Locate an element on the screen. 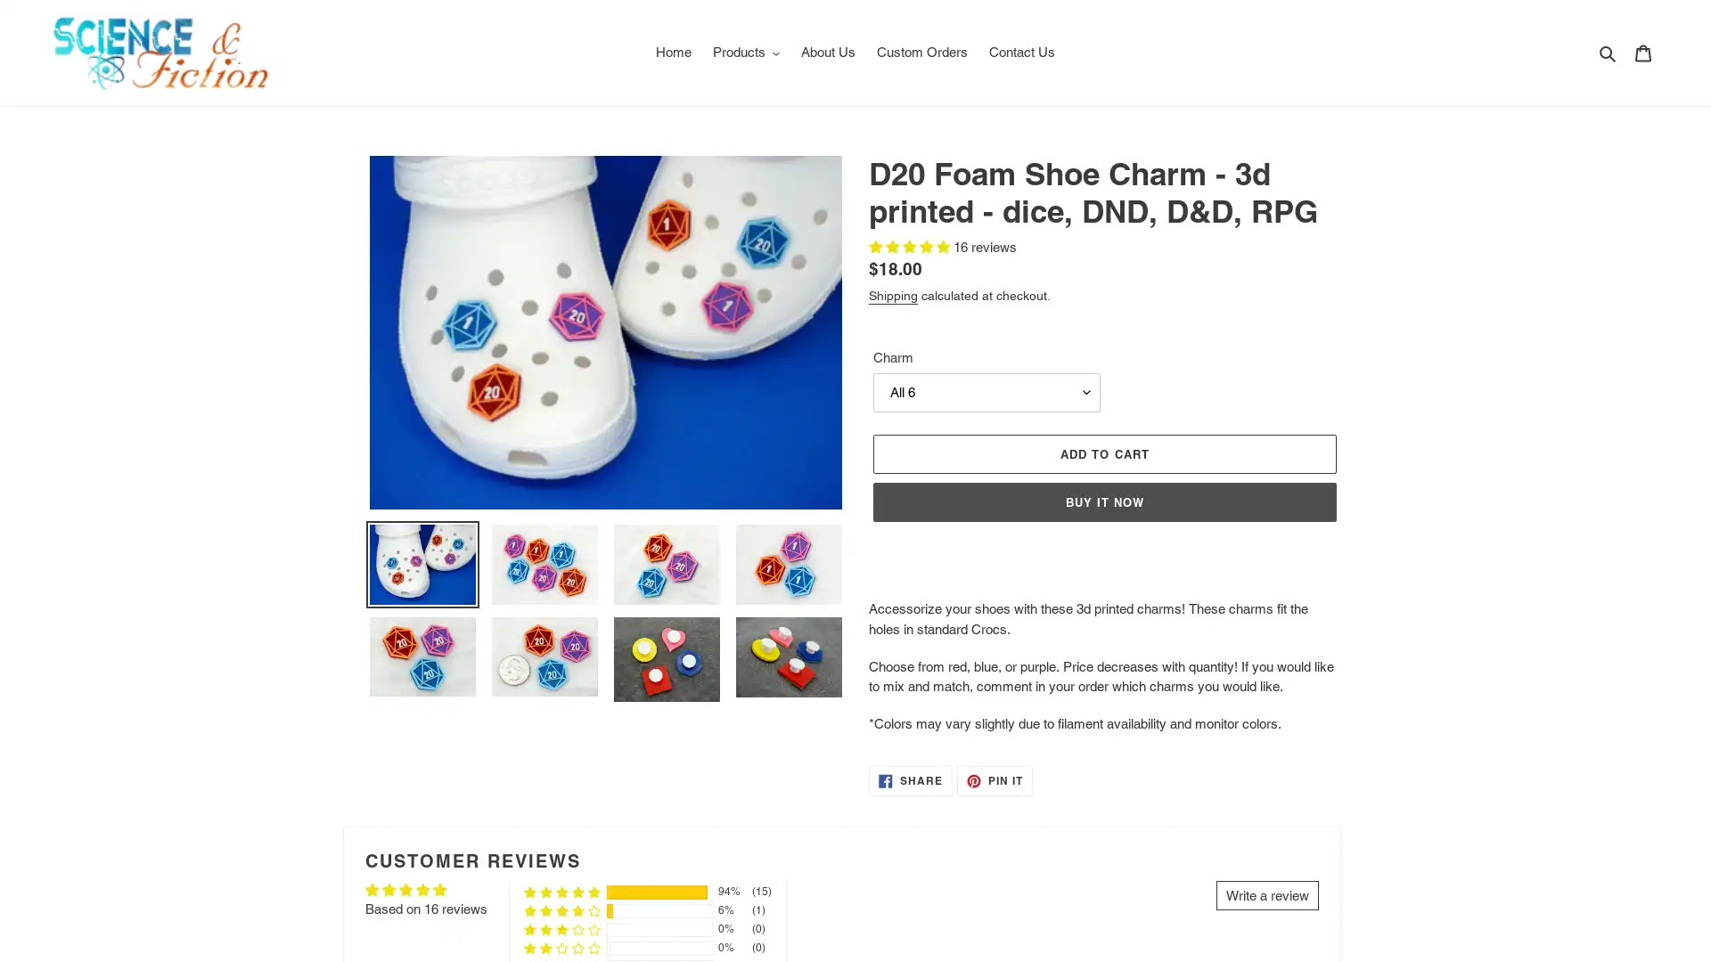  94% (15) reviews with 5 star rating is located at coordinates (561, 892).